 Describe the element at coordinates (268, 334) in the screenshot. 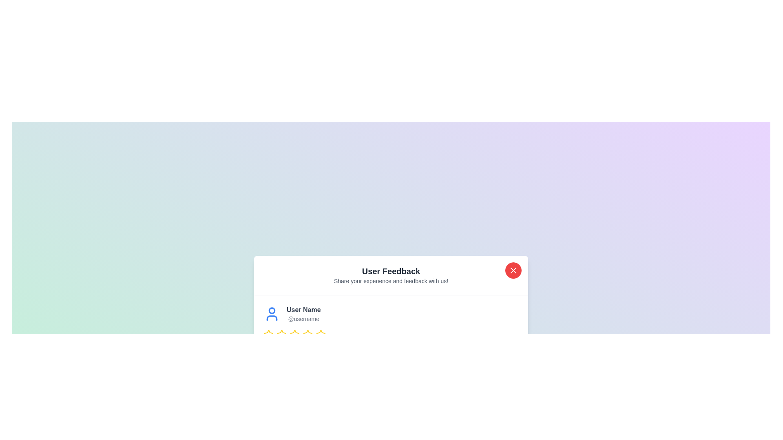

I see `on the first yellow star icon in the rating system` at that location.